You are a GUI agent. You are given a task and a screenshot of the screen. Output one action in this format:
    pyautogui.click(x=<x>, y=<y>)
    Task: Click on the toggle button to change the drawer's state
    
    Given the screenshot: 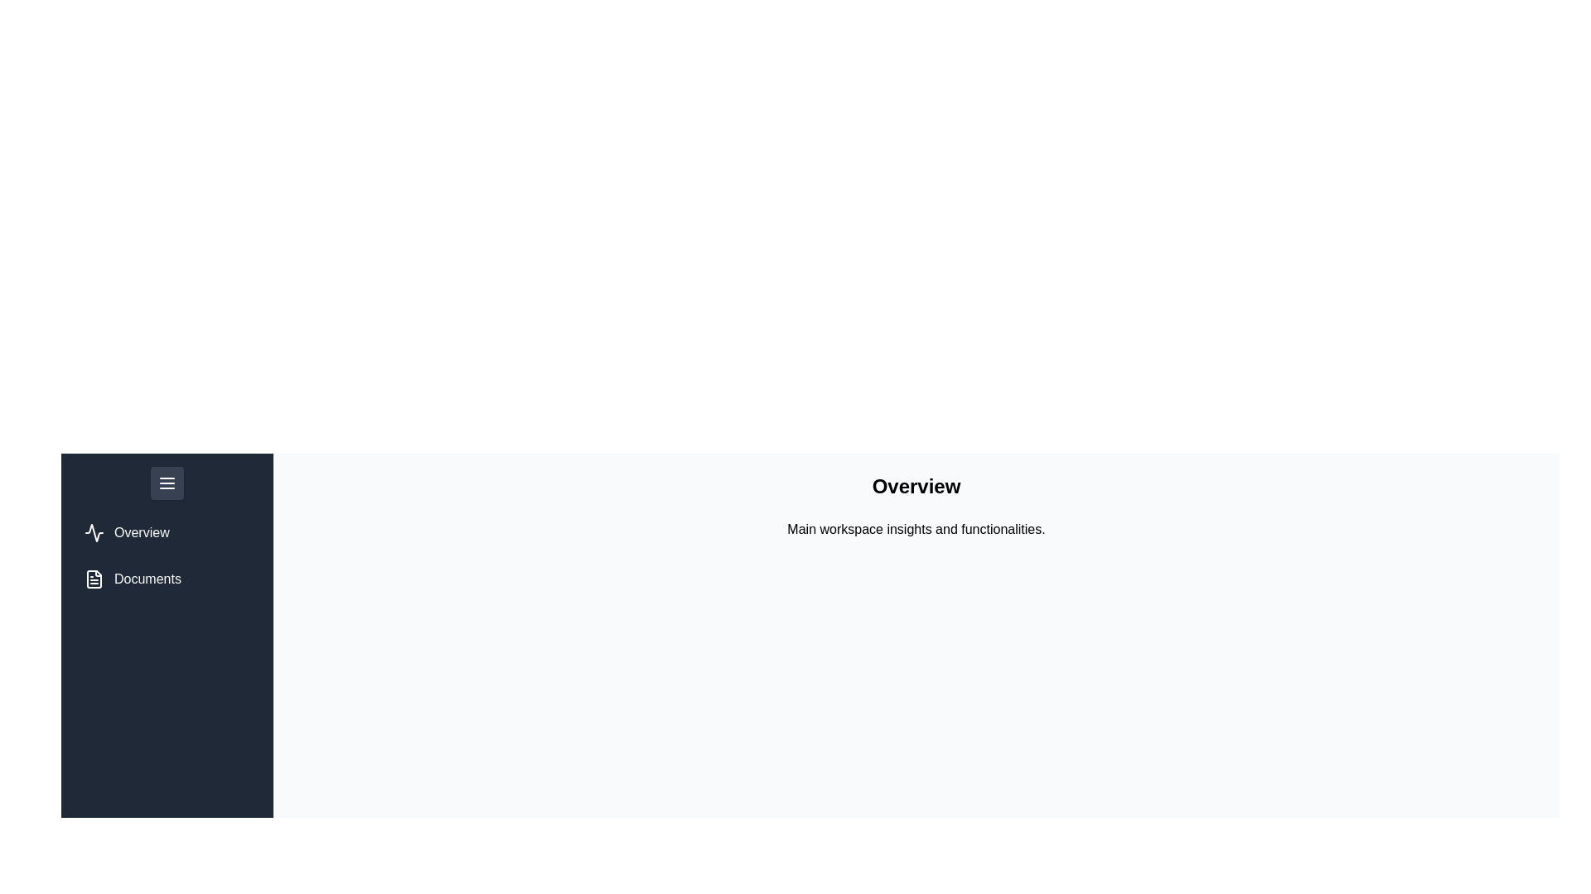 What is the action you would take?
    pyautogui.click(x=167, y=483)
    